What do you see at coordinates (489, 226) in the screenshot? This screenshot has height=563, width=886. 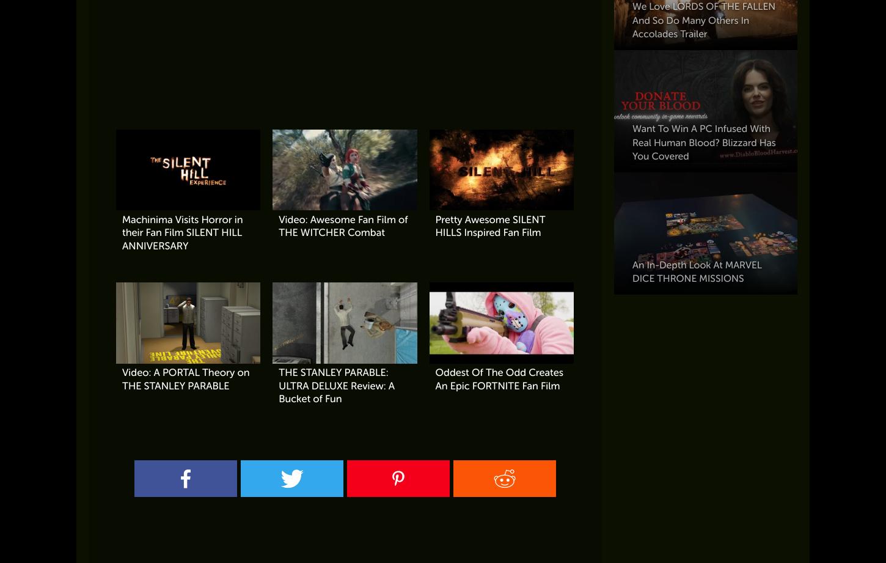 I see `'Pretty Awesome SILENT HILLS Inspired Fan Film'` at bounding box center [489, 226].